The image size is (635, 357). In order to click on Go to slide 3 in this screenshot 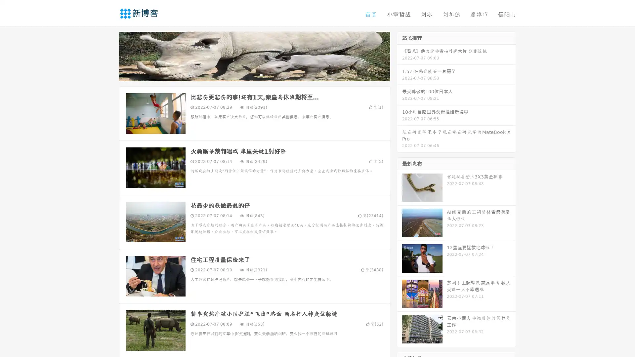, I will do `click(261, 74)`.